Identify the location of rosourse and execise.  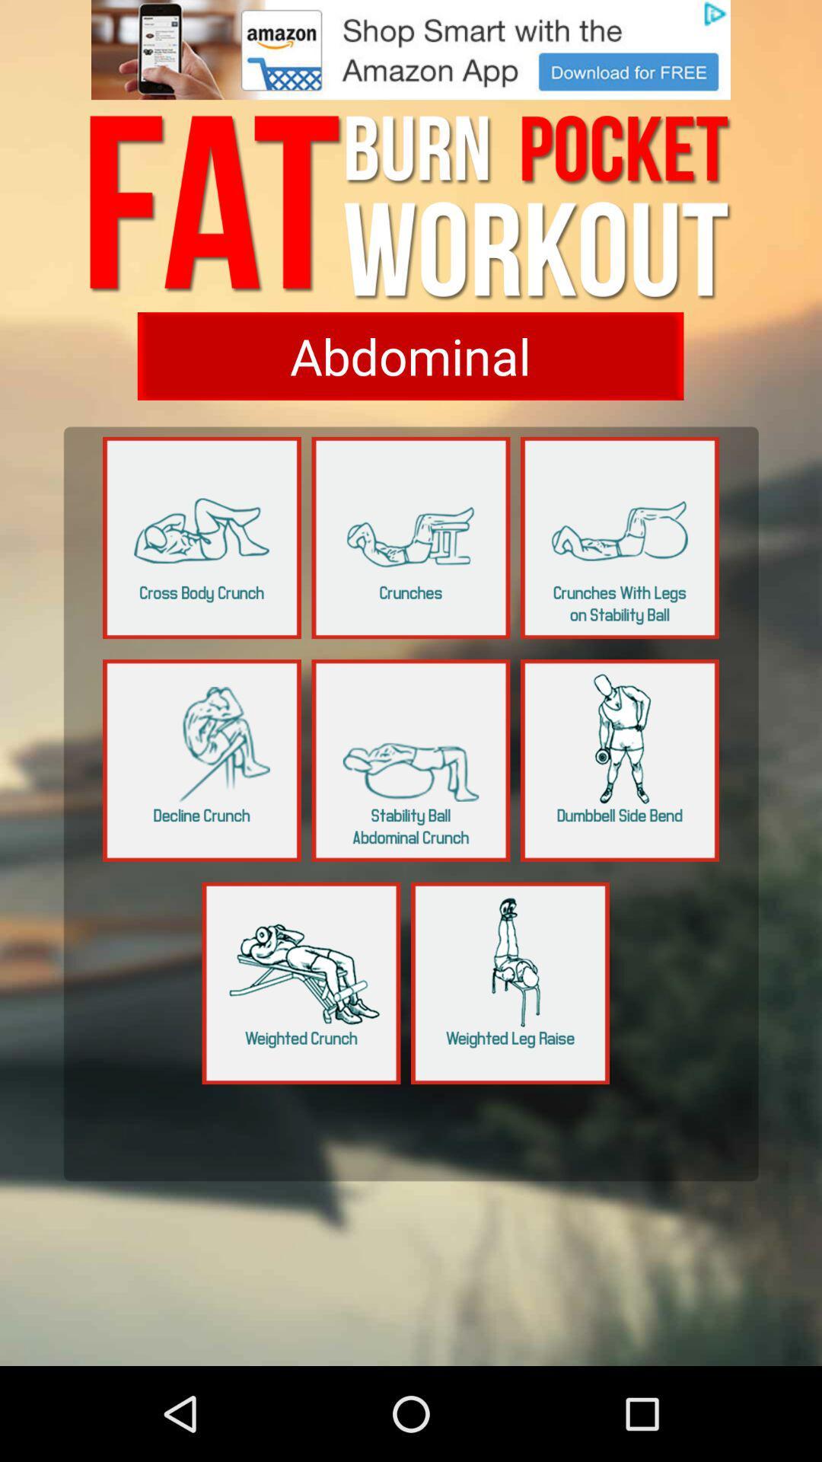
(411, 760).